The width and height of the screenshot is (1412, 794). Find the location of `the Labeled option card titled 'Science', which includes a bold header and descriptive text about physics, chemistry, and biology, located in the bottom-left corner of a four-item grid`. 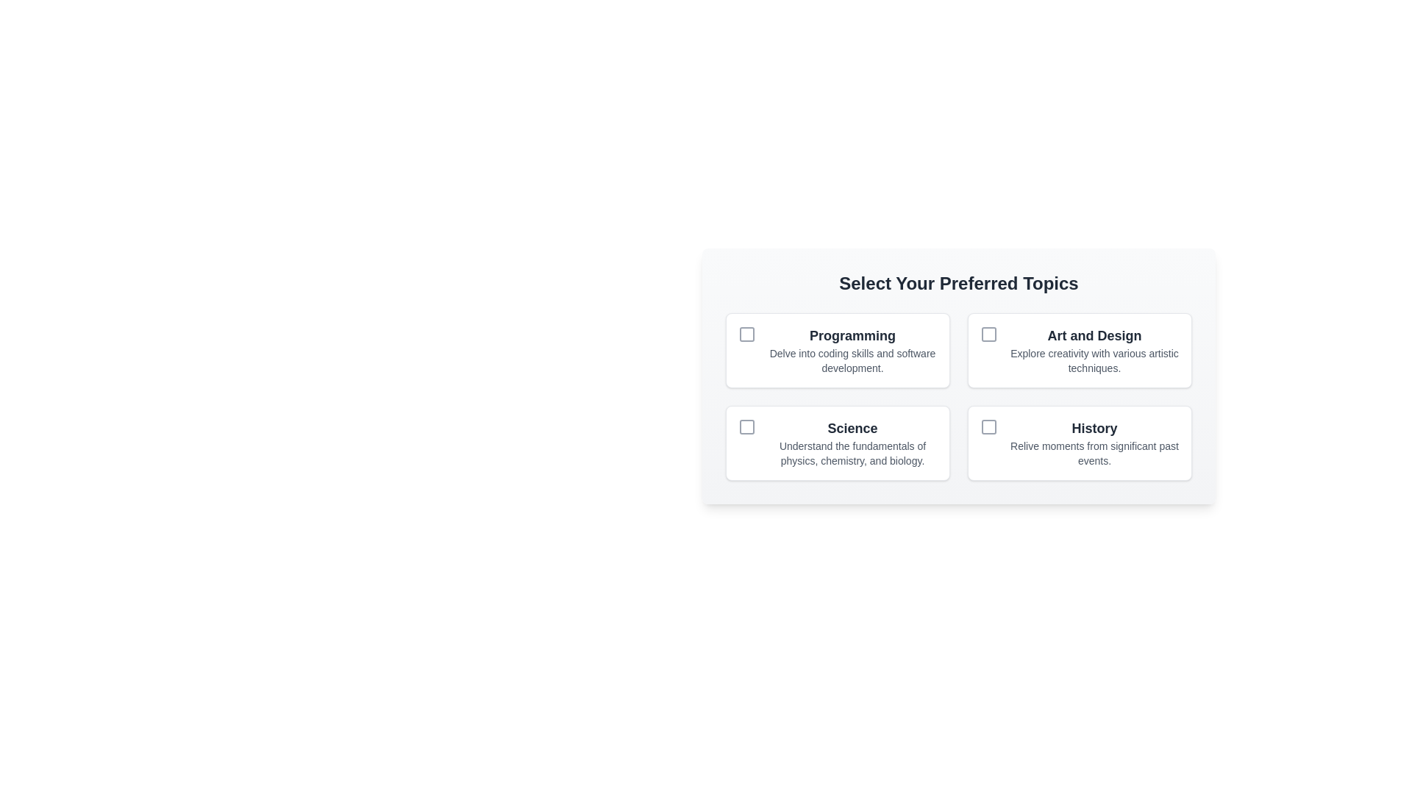

the Labeled option card titled 'Science', which includes a bold header and descriptive text about physics, chemistry, and biology, located in the bottom-left corner of a four-item grid is located at coordinates (852, 442).